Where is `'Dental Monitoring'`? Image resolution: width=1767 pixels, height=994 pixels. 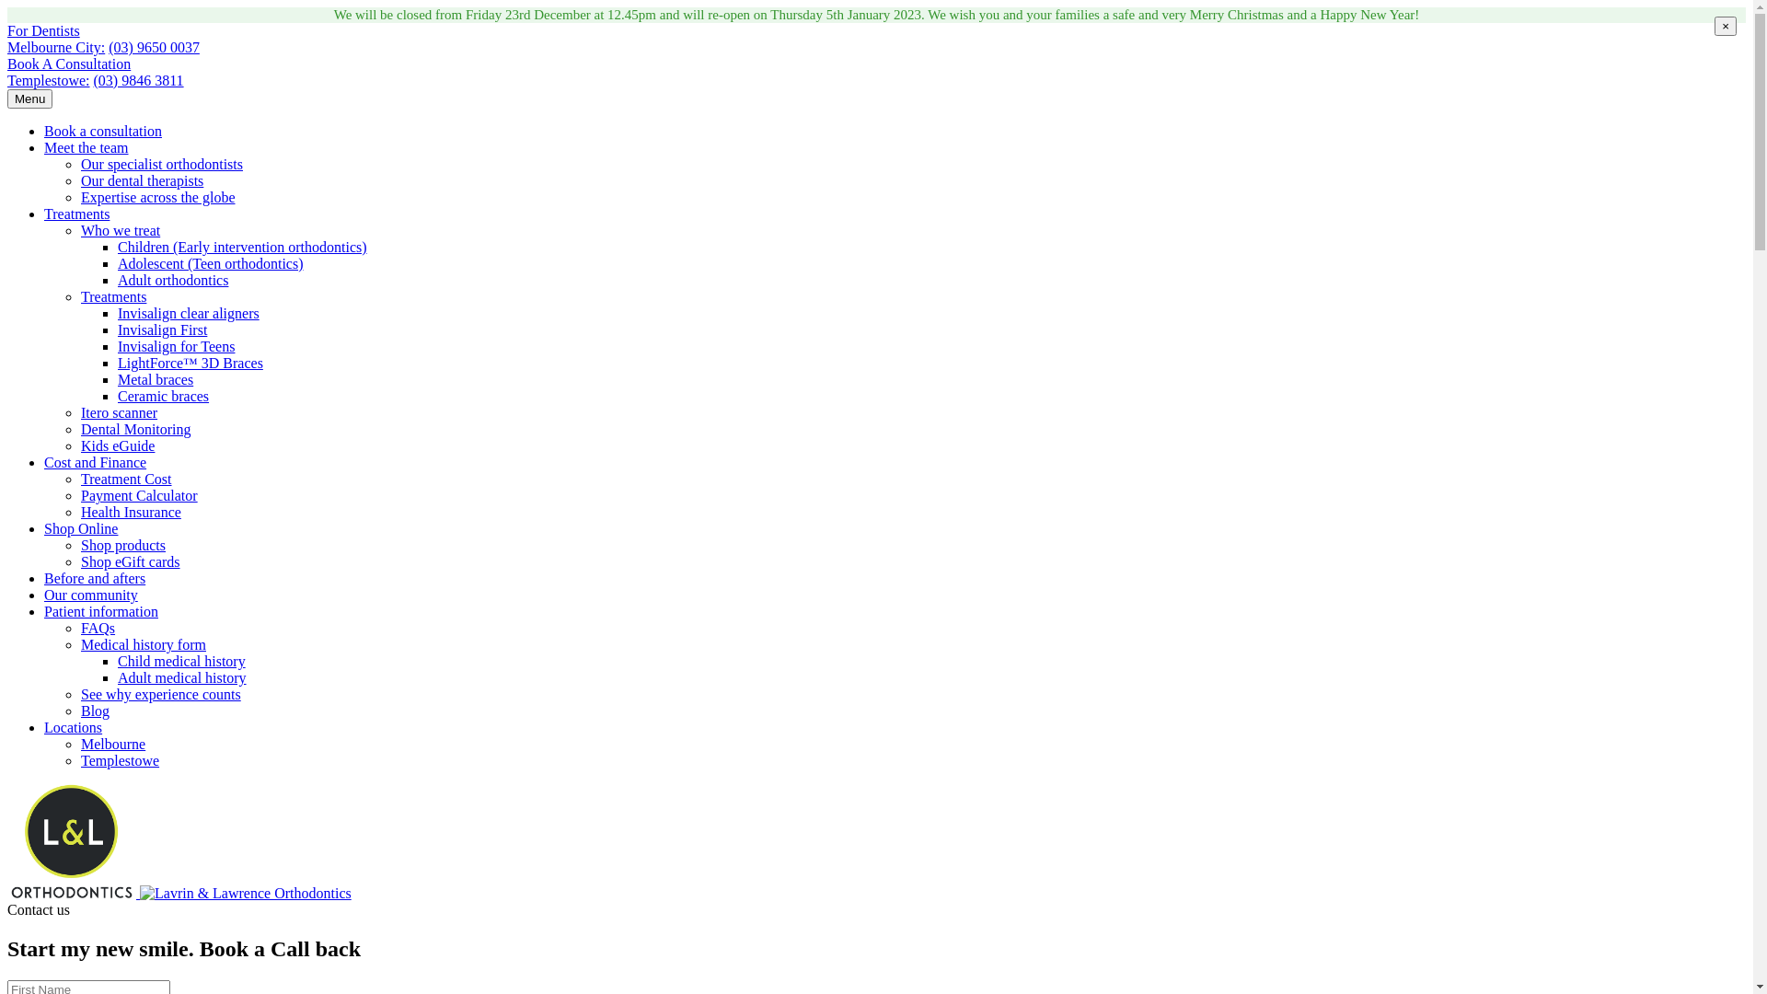 'Dental Monitoring' is located at coordinates (135, 429).